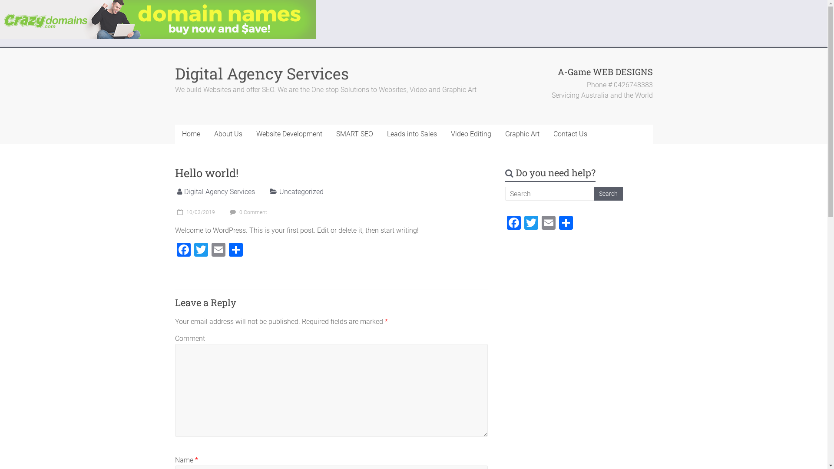  What do you see at coordinates (531, 223) in the screenshot?
I see `'Twitter'` at bounding box center [531, 223].